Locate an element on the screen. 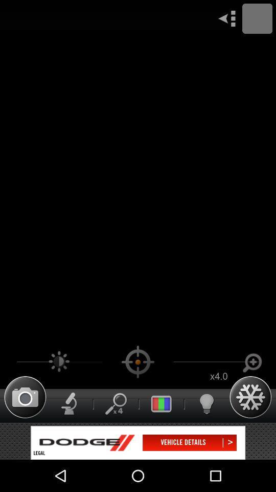 The height and width of the screenshot is (492, 276). the thumbs_up icon is located at coordinates (69, 432).